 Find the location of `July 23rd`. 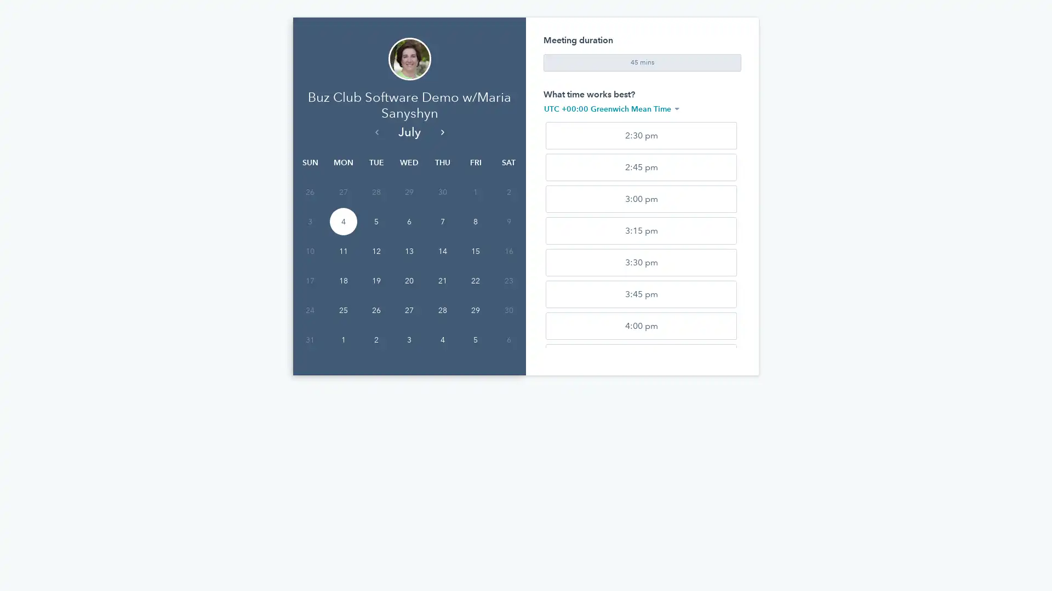

July 23rd is located at coordinates (507, 322).